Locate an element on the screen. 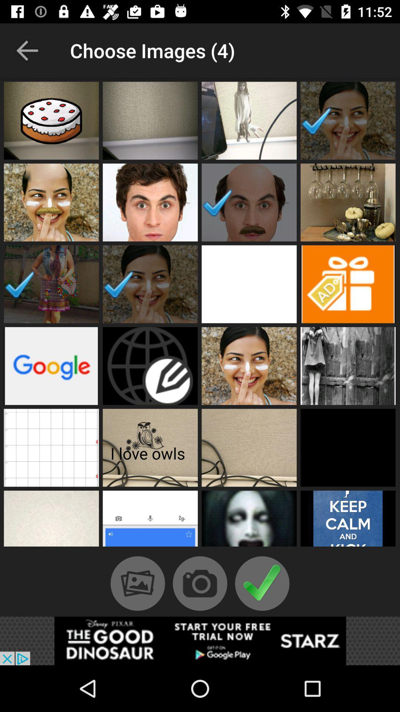 The height and width of the screenshot is (712, 400). image is located at coordinates (51, 447).